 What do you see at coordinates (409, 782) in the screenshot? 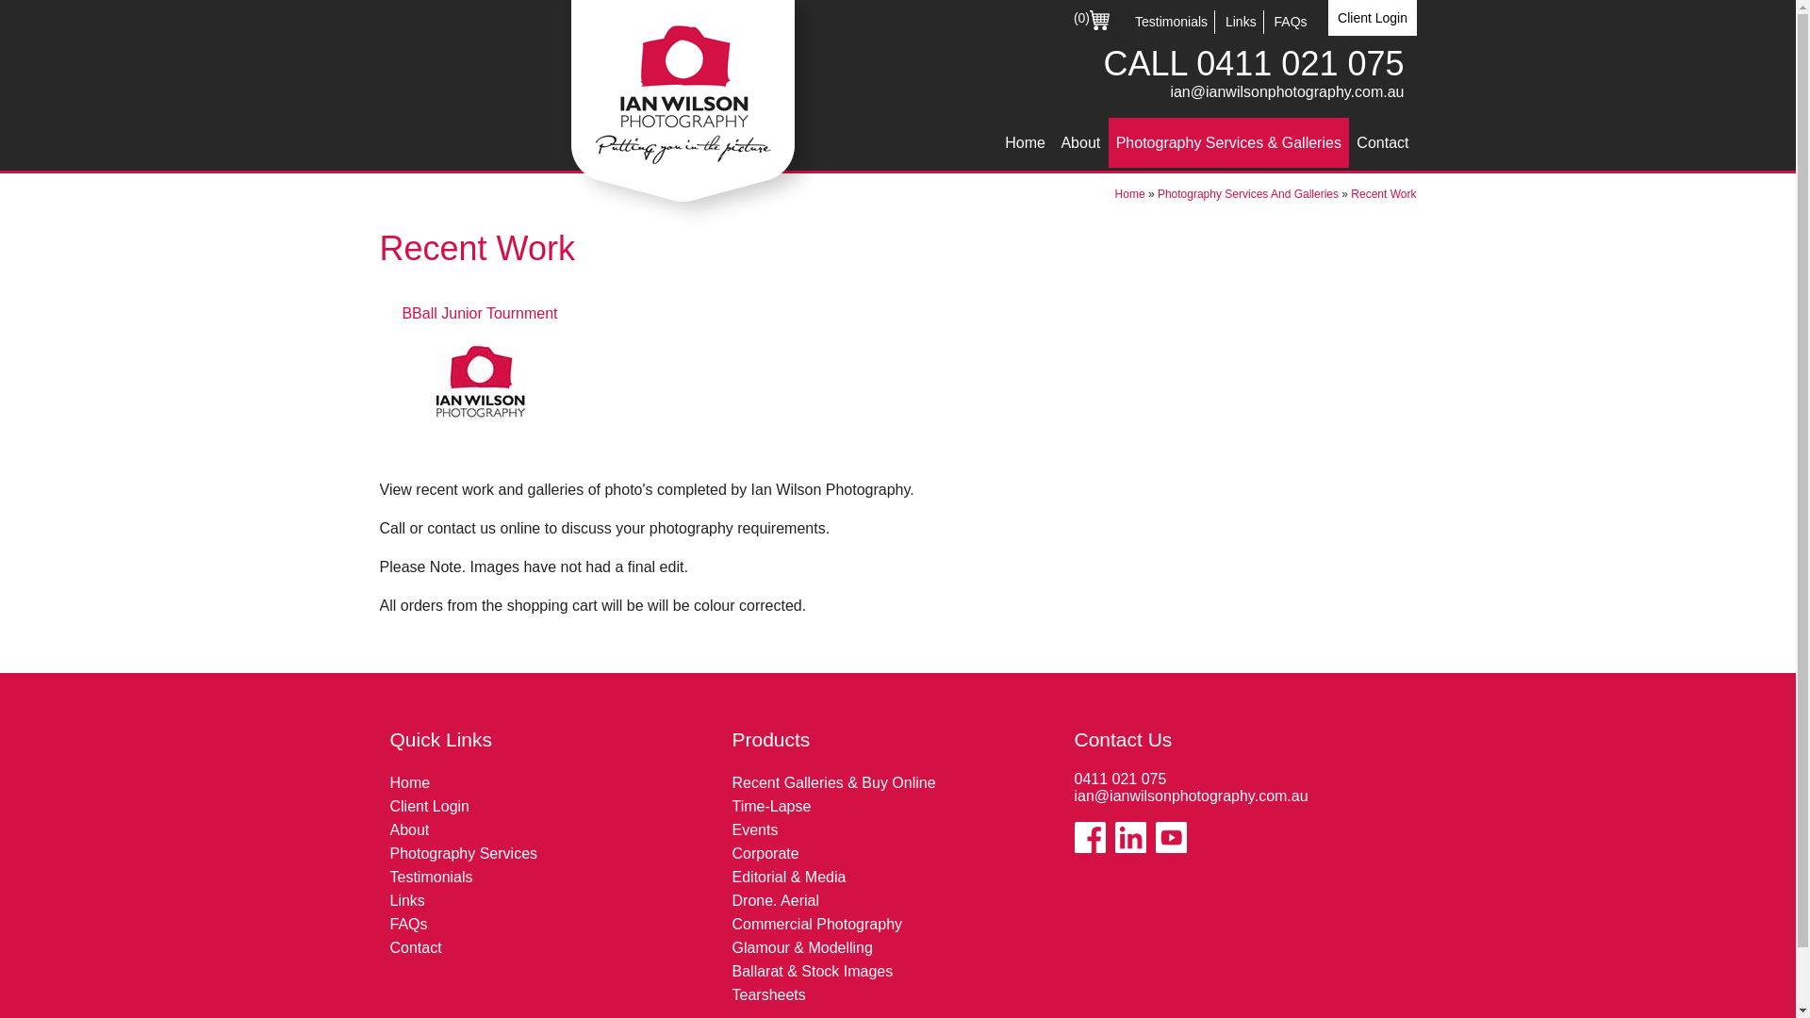
I see `'Home'` at bounding box center [409, 782].